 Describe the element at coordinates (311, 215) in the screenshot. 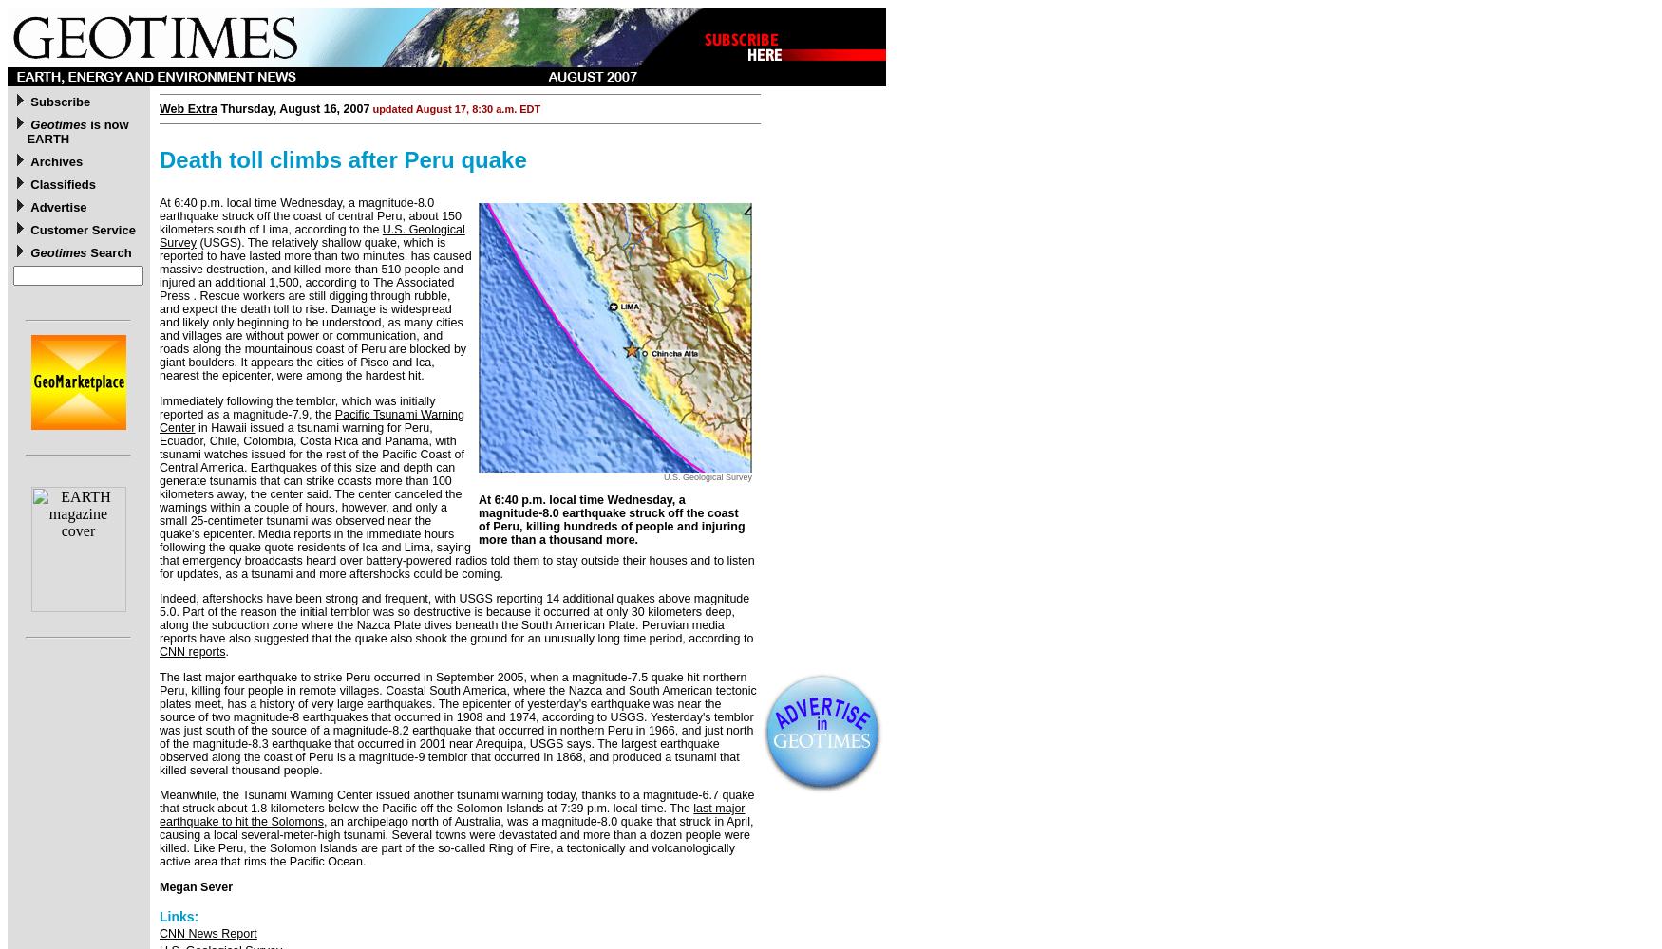

I see `'At 6:40 p.m. local time Wednesday, a magnitude-8.0 earthquake struck off the coast of central Peru, about 150 kilometers south of Lima, according to  the'` at that location.